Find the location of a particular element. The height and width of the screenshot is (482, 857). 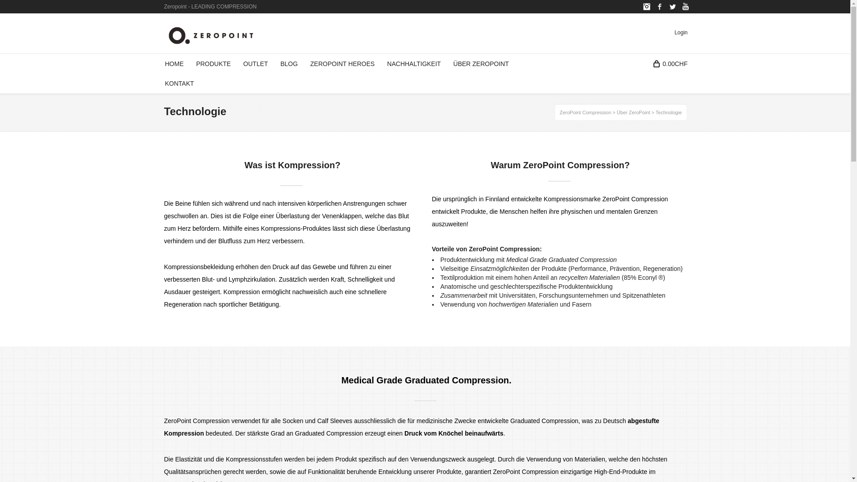

'YouTube' is located at coordinates (685, 7).